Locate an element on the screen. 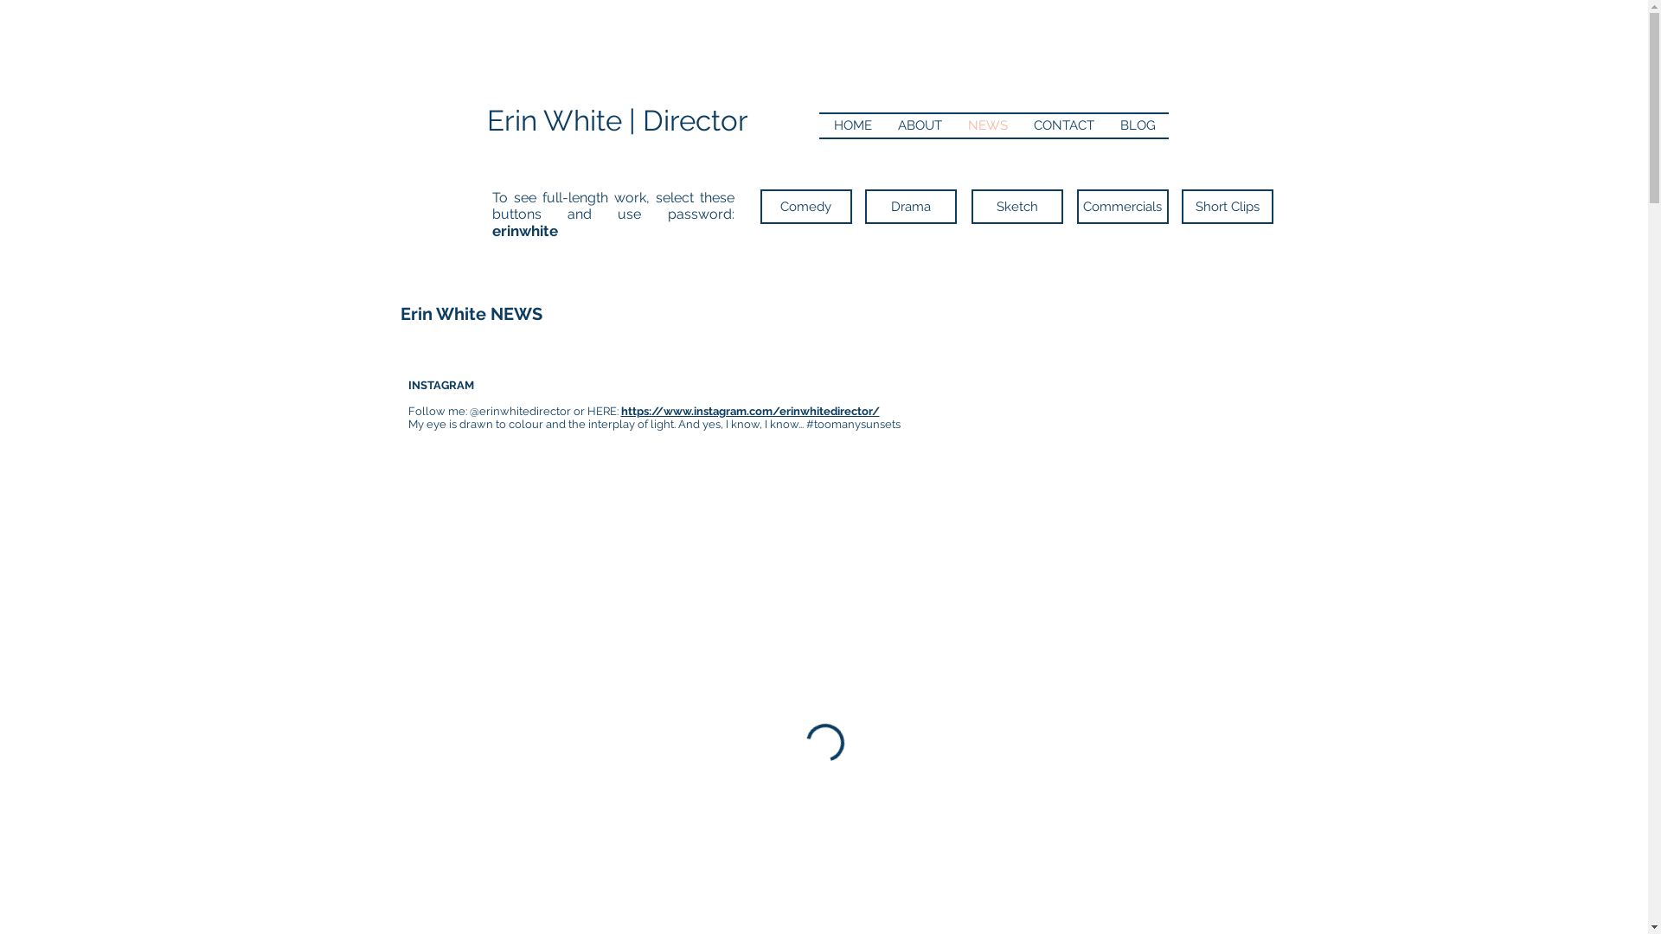 The width and height of the screenshot is (1661, 934). 'ABOUT' is located at coordinates (918, 125).